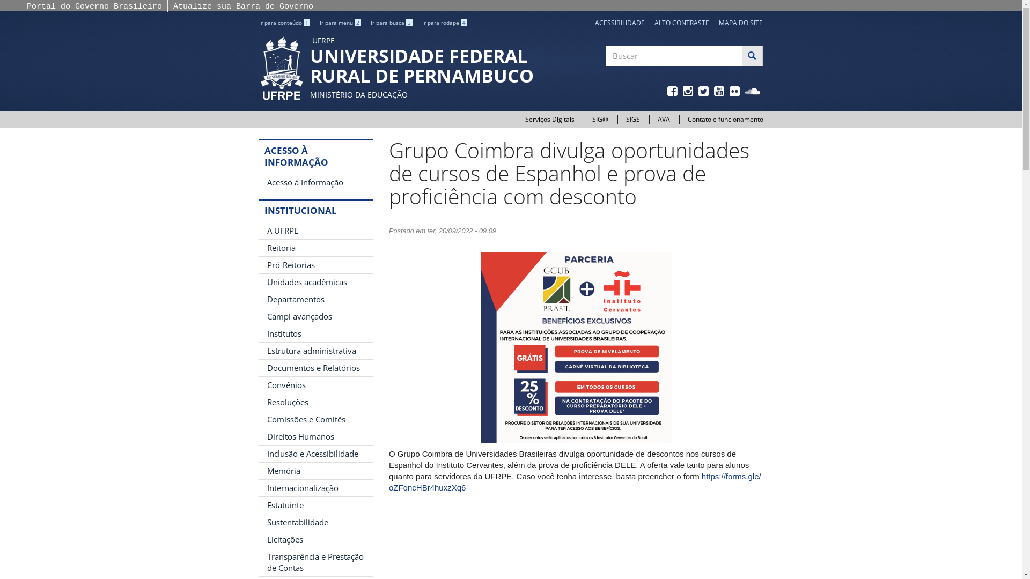 The height and width of the screenshot is (579, 1030). I want to click on 'Departamentos', so click(315, 299).